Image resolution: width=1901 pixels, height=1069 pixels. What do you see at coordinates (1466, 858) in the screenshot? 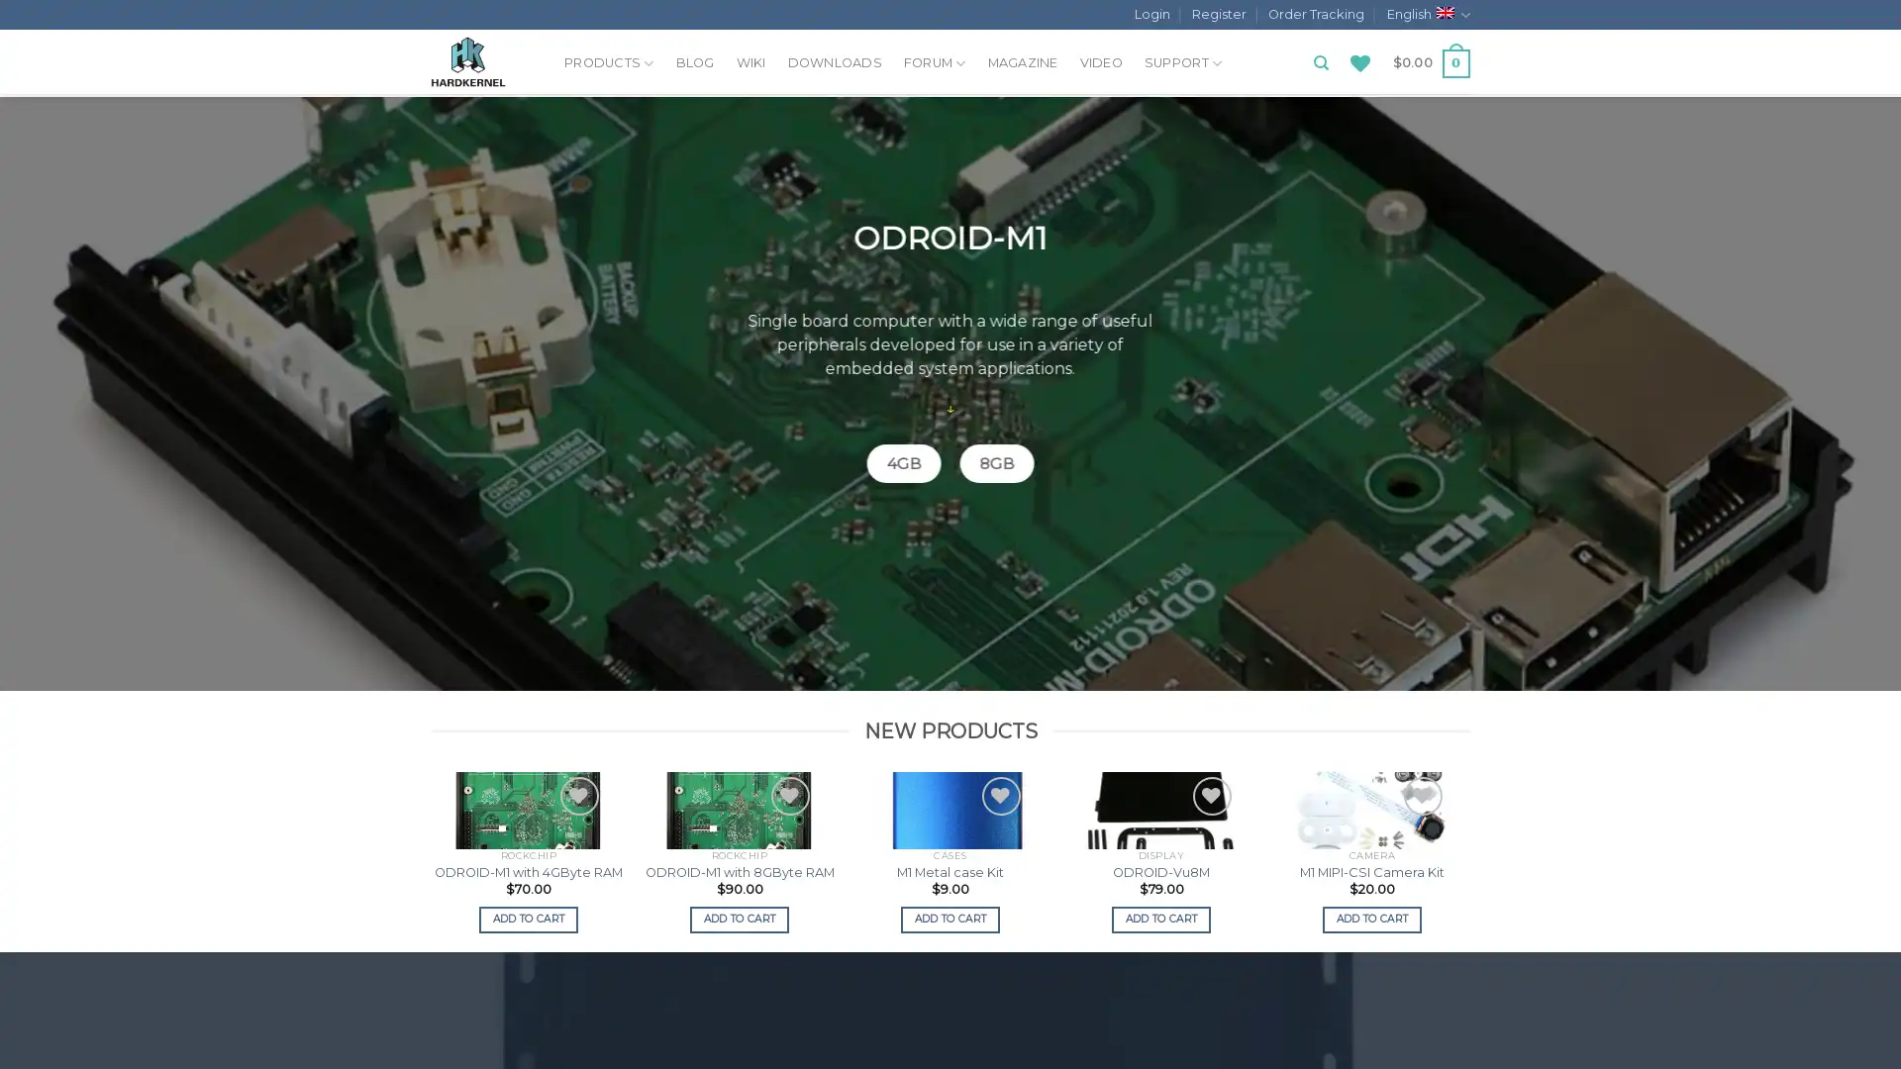
I see `Next` at bounding box center [1466, 858].